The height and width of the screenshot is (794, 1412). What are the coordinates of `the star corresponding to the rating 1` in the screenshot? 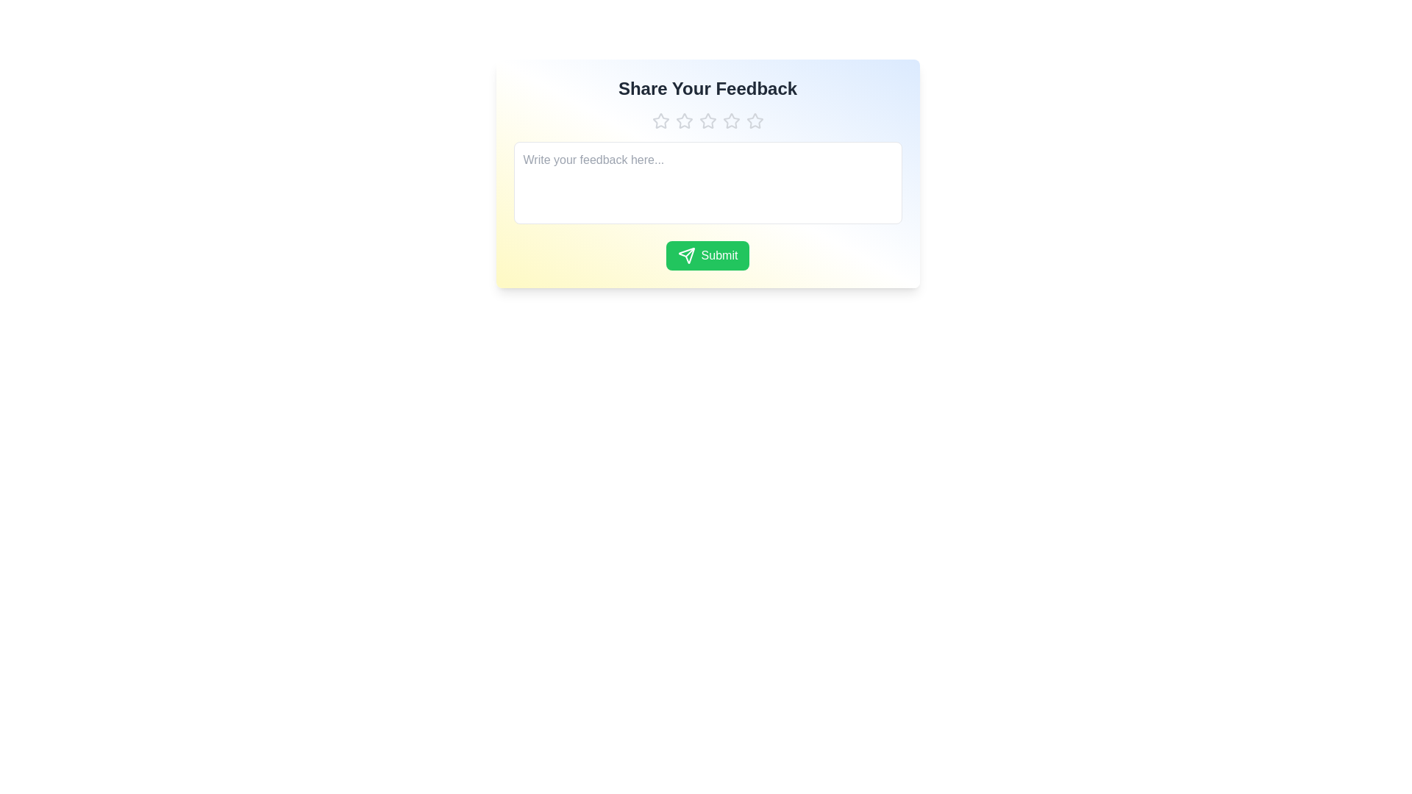 It's located at (660, 121).